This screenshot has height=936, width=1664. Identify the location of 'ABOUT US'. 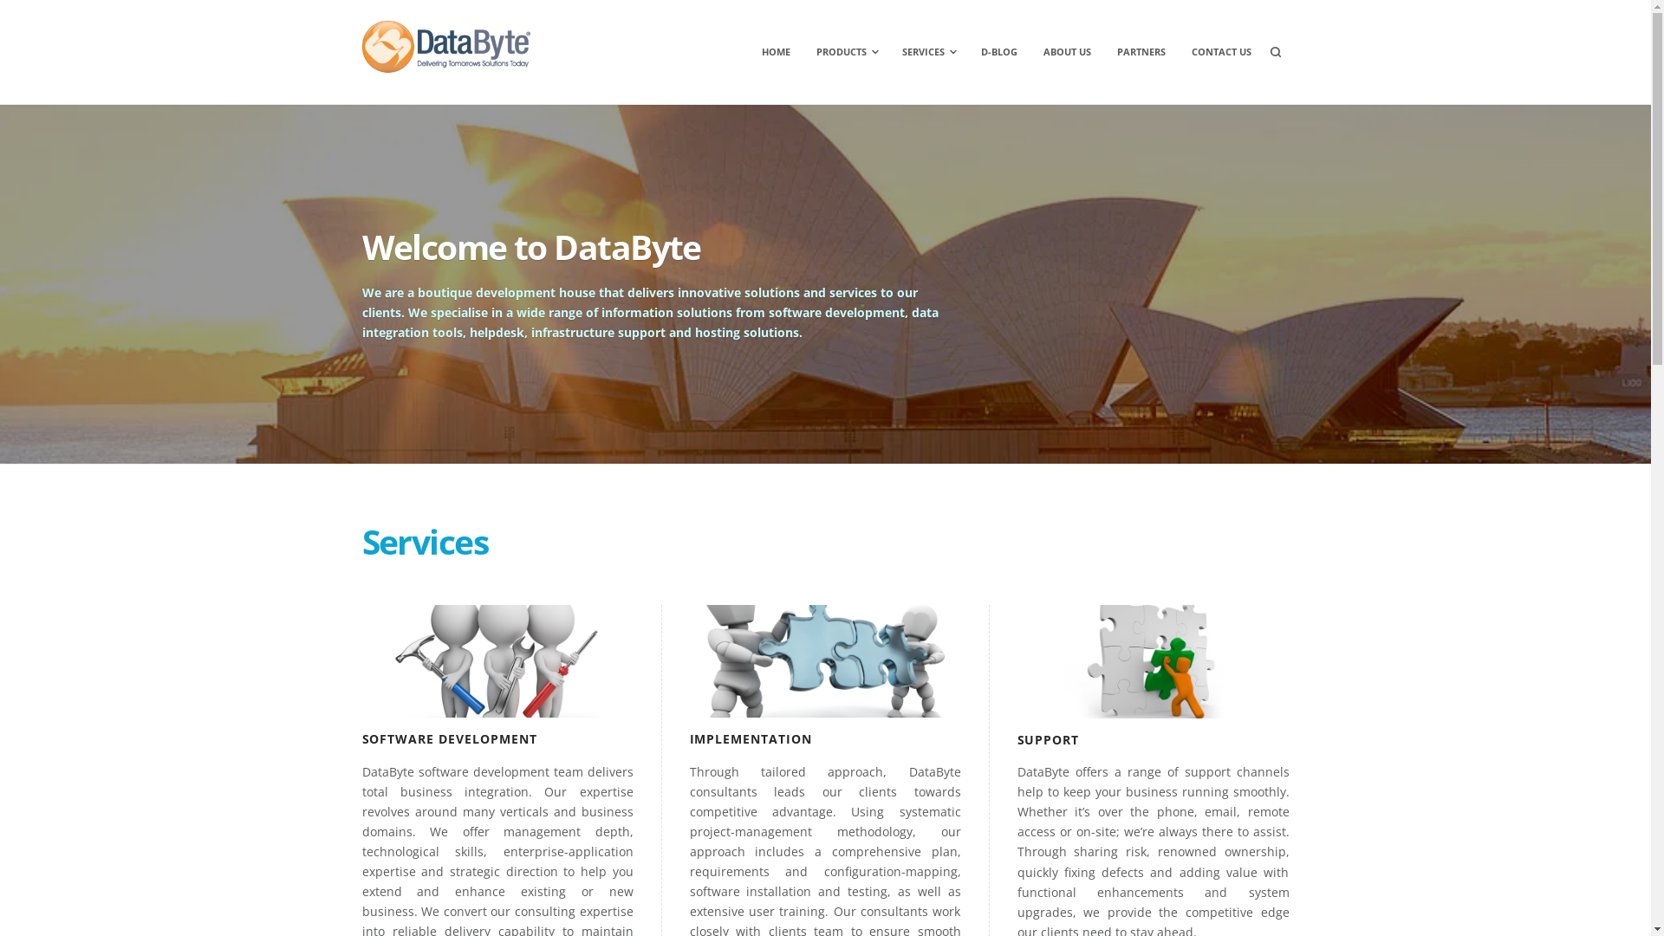
(1066, 51).